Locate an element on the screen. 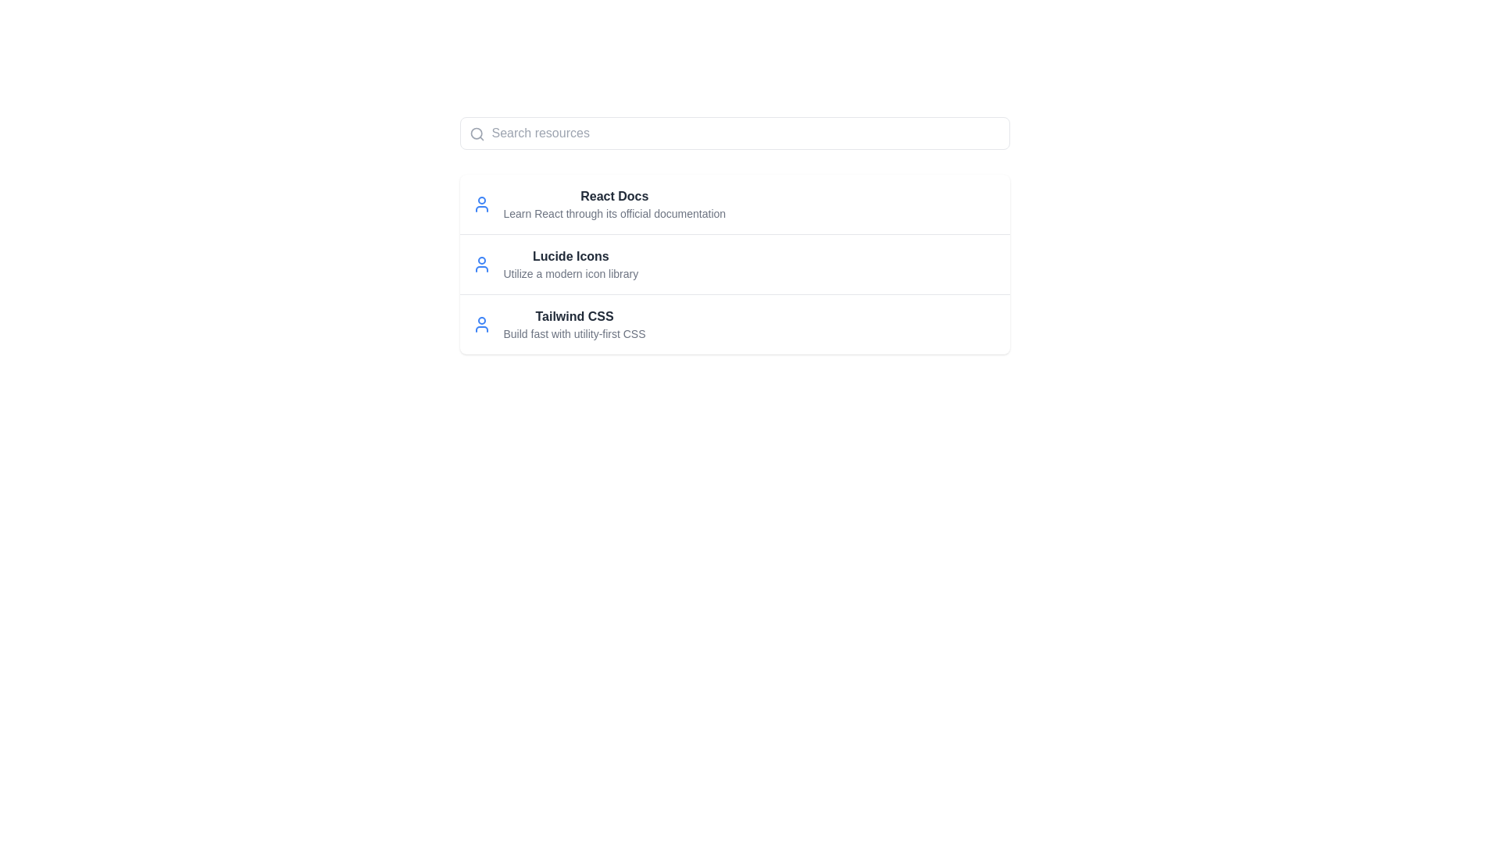  first list item that provides documentation about React, which is positioned below the search bar and to the right of an icon is located at coordinates (613, 204).